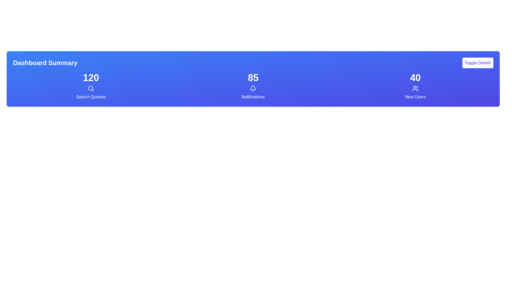 This screenshot has height=288, width=512. What do you see at coordinates (91, 97) in the screenshot?
I see `the text label element that contains the text 'Search Queries', positioned below the number '120' and a search icon` at bounding box center [91, 97].